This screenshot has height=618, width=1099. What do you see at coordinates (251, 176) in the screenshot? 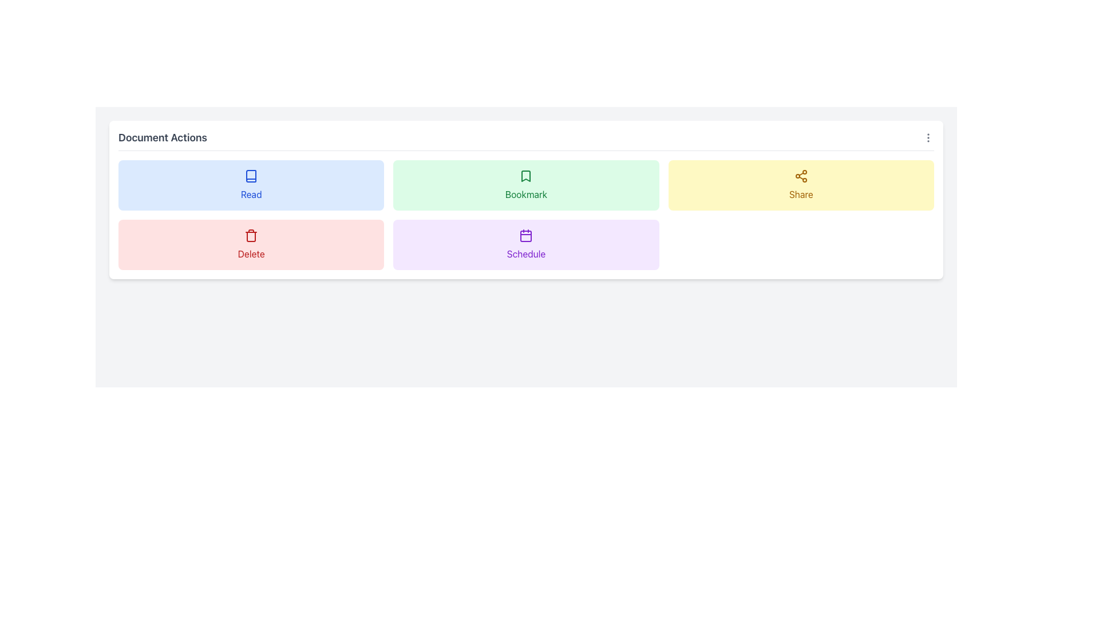
I see `the blue book-like icon that is part of the 'Read' functionality group, located in the top-left section of the 'Document Actions' area above the text label 'Read'` at bounding box center [251, 176].